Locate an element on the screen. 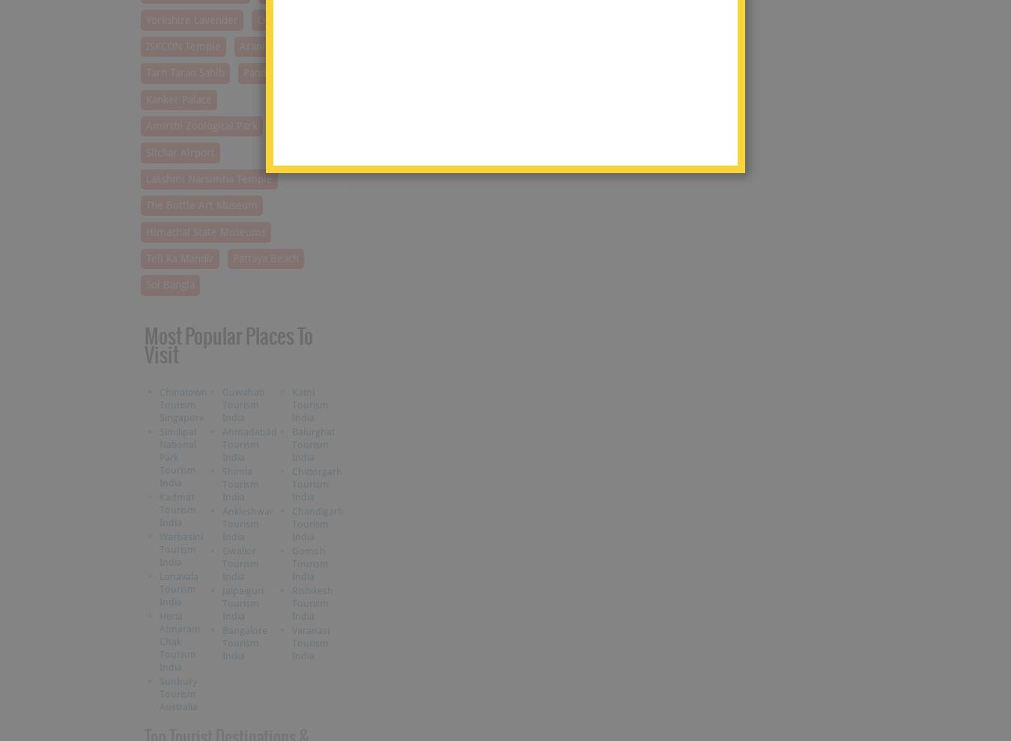 The height and width of the screenshot is (741, 1011). 'Teli Ka Mandir' is located at coordinates (178, 257).